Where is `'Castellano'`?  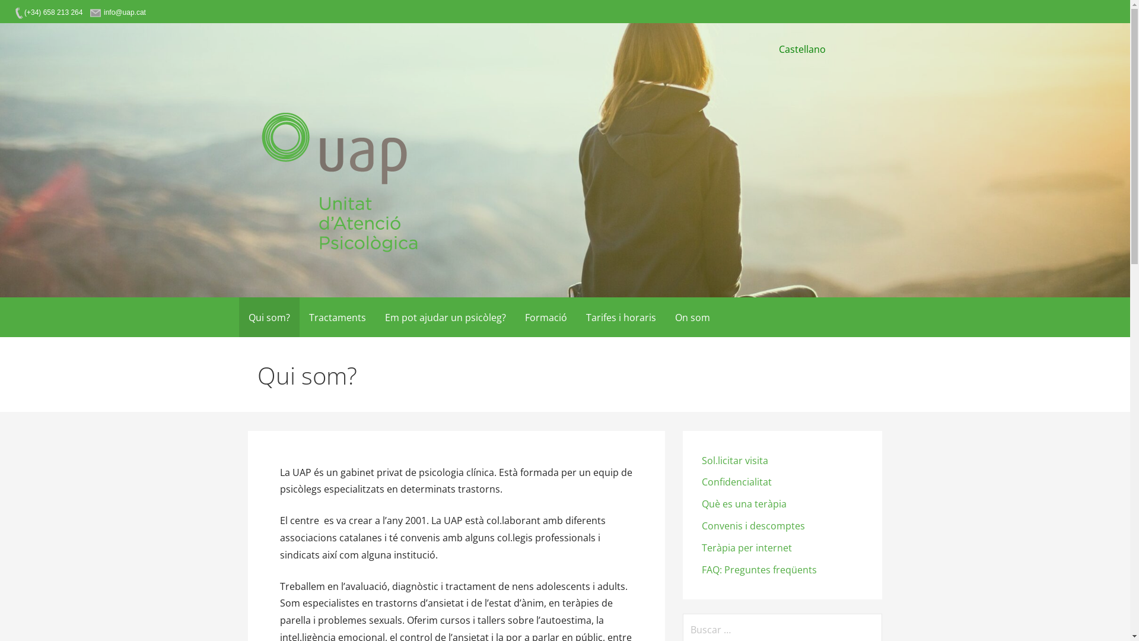
'Castellano' is located at coordinates (801, 49).